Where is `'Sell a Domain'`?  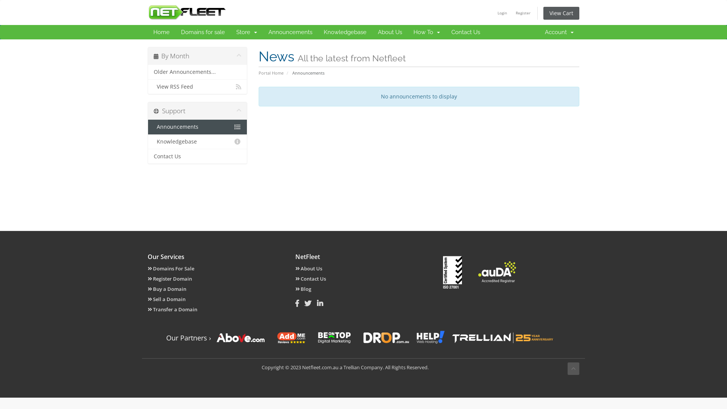 'Sell a Domain' is located at coordinates (166, 299).